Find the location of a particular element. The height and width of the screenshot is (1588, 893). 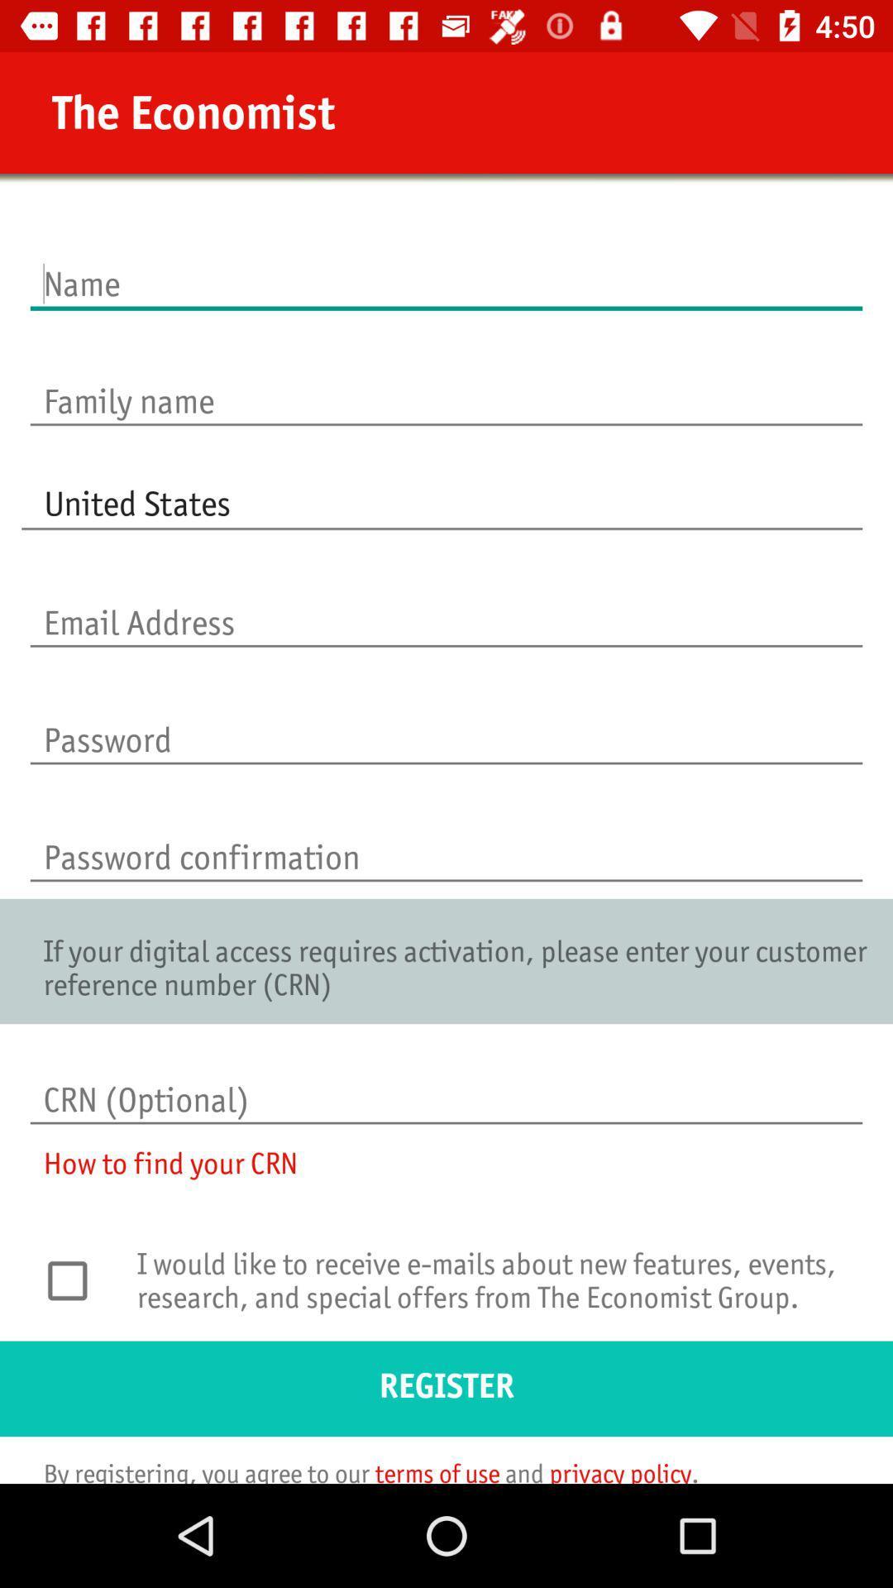

the icon above the how to find is located at coordinates (446, 1083).